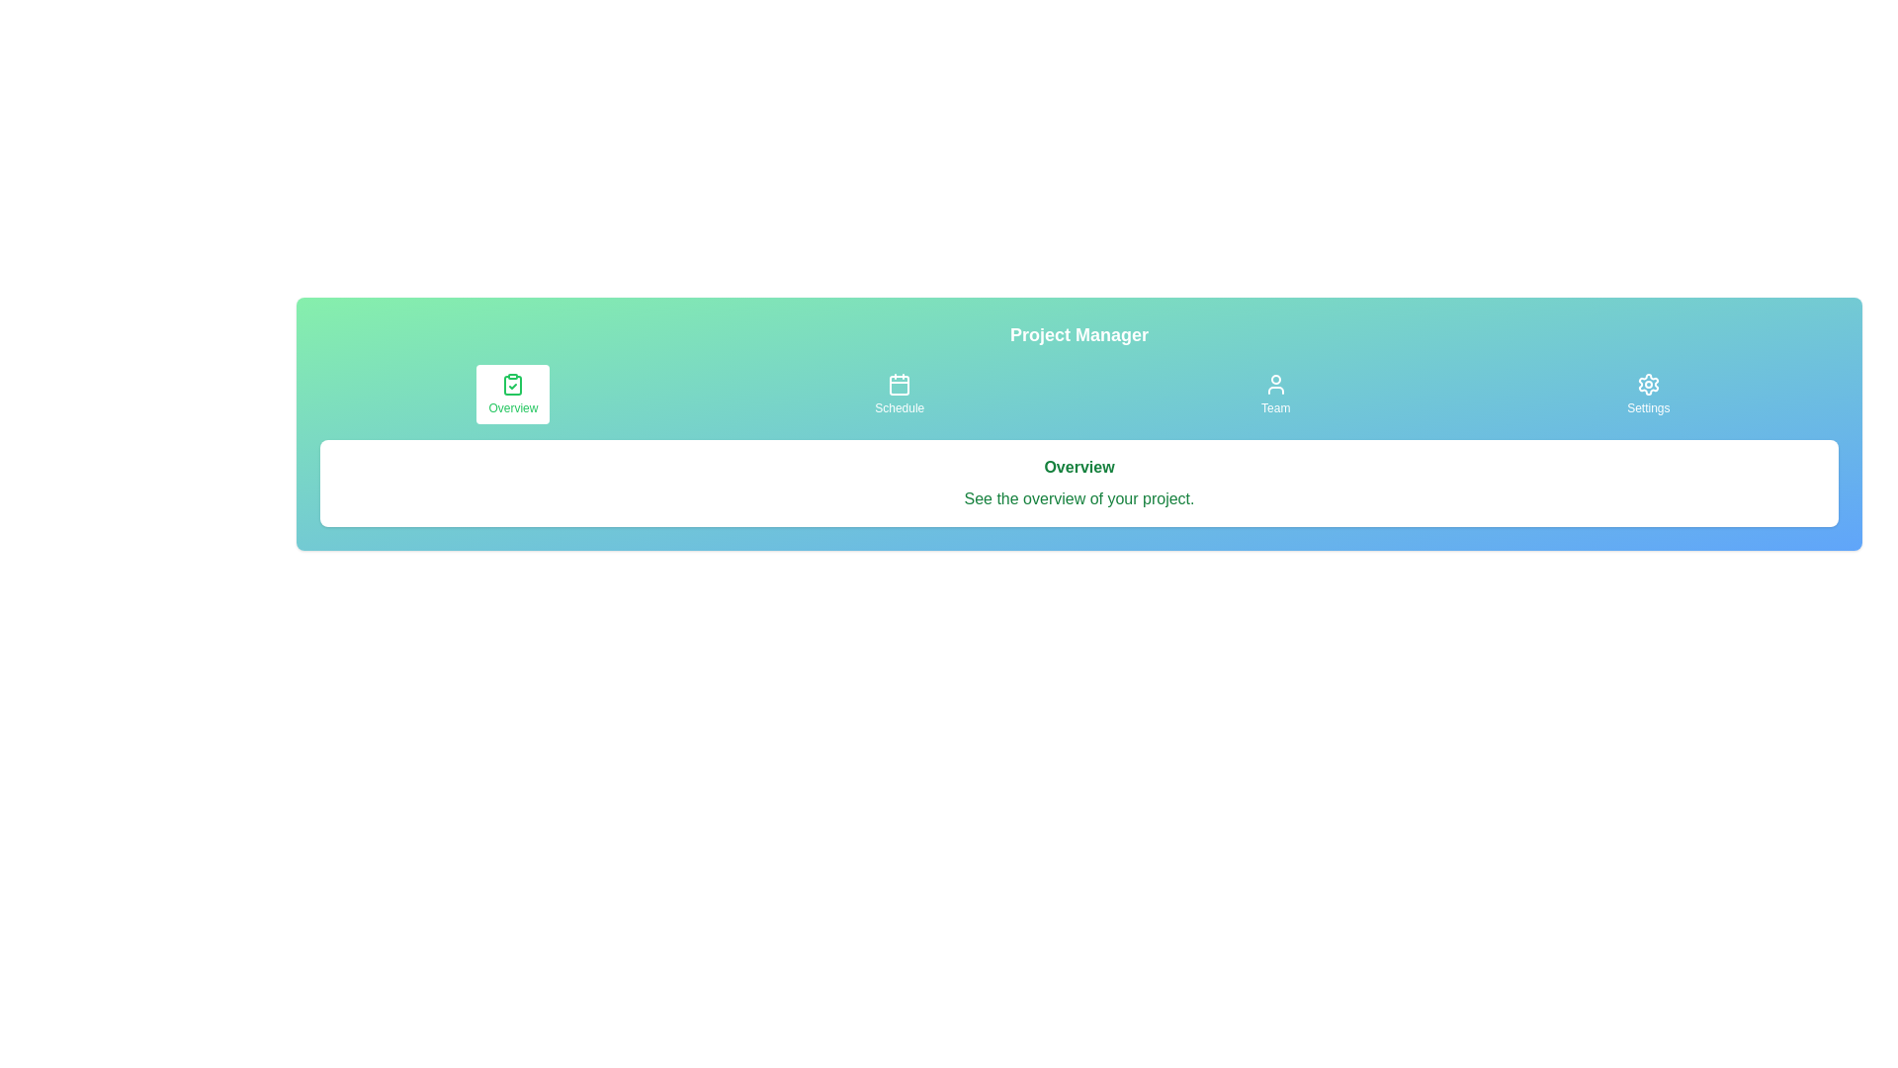 The height and width of the screenshot is (1068, 1898). I want to click on the settings icon, which is a gear or cog wheel located in the top-right corner of the navigation bar, so click(1647, 385).